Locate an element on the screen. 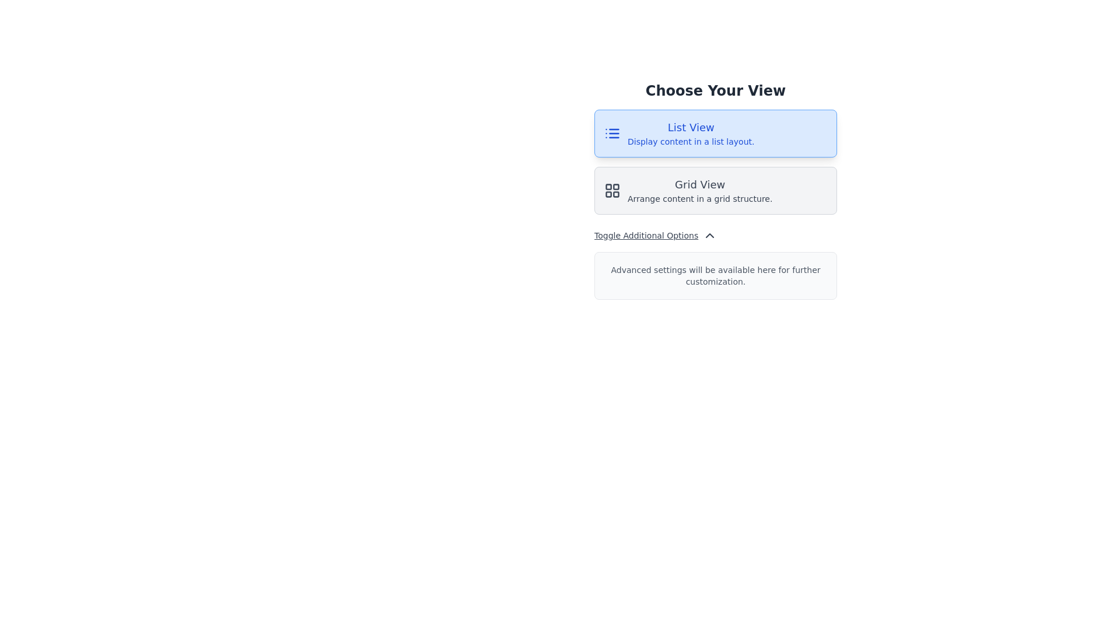 This screenshot has width=1120, height=630. the 'List View' icon, which indicates the list view option for displaying content, located to the left of the 'List View' text label is located at coordinates (612, 132).